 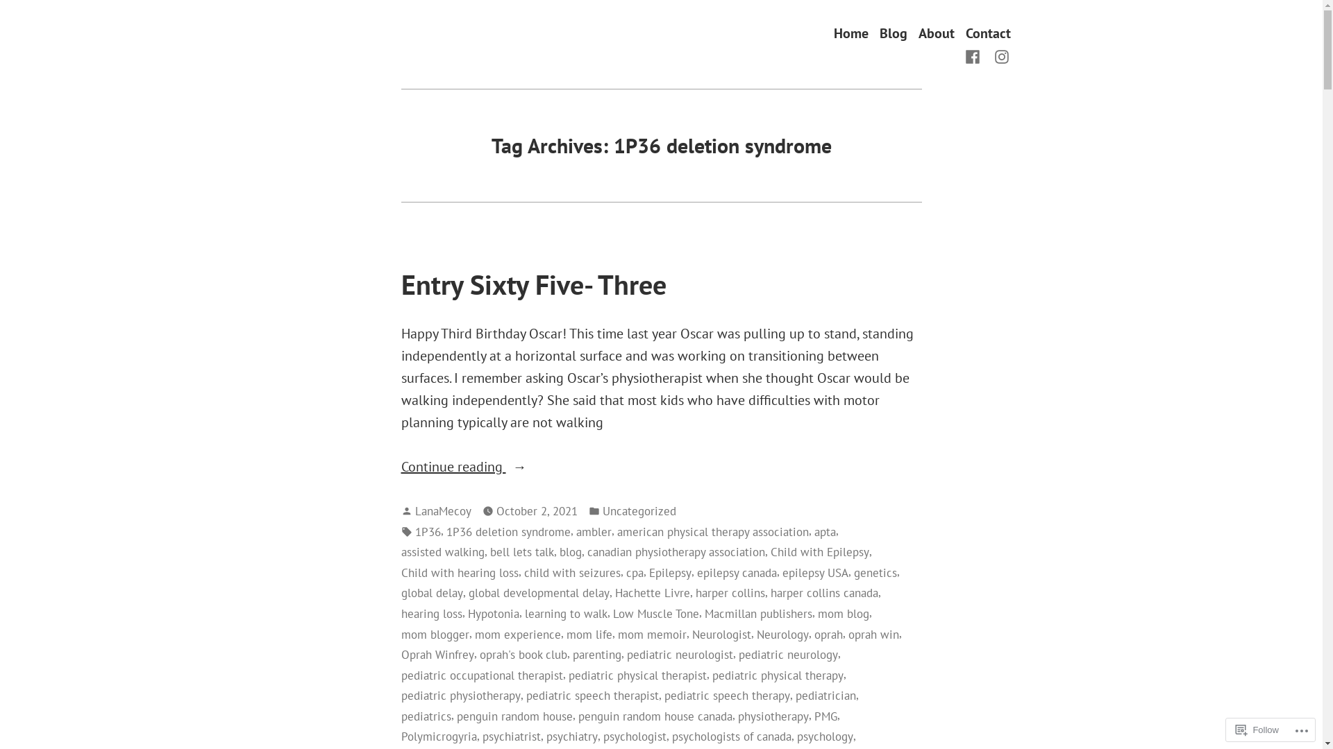 I want to click on 'psychology', so click(x=825, y=735).